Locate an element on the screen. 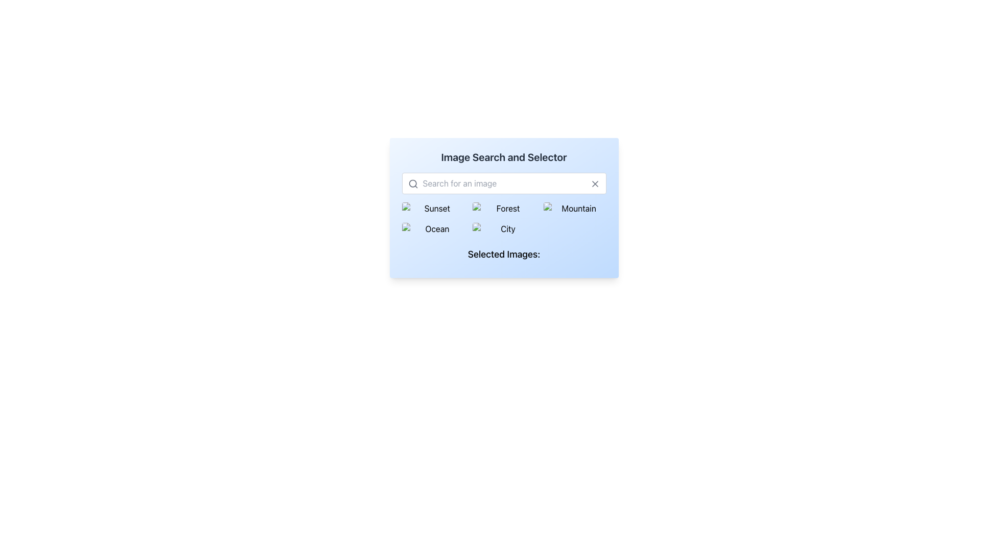  the selectable grid cell labeled 'Forest' which features a thumbnail image, positioned in the second row and second column of the grid layout is located at coordinates (504, 208).